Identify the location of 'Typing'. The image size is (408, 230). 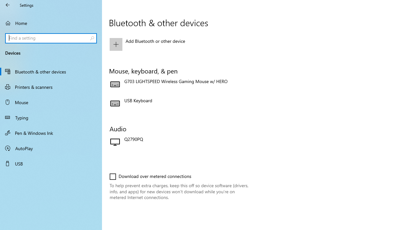
(51, 117).